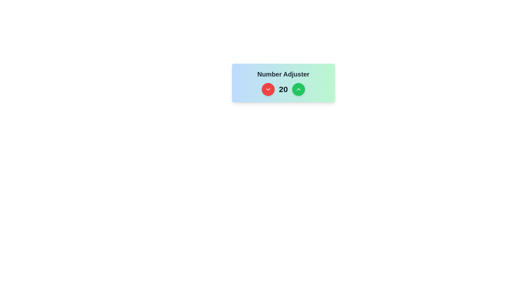 The image size is (516, 290). Describe the element at coordinates (298, 89) in the screenshot. I see `the rightmost button that increases a numerical value, located next to the number '20' and adjacent to a red circular button with a downward arrow` at that location.